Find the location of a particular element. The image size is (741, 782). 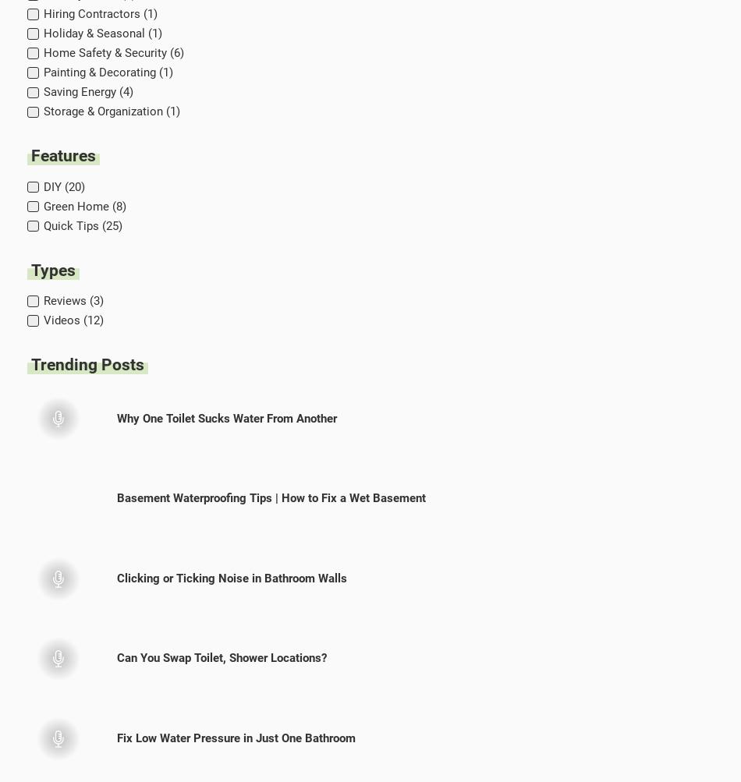

'Green Home (8)' is located at coordinates (84, 206).